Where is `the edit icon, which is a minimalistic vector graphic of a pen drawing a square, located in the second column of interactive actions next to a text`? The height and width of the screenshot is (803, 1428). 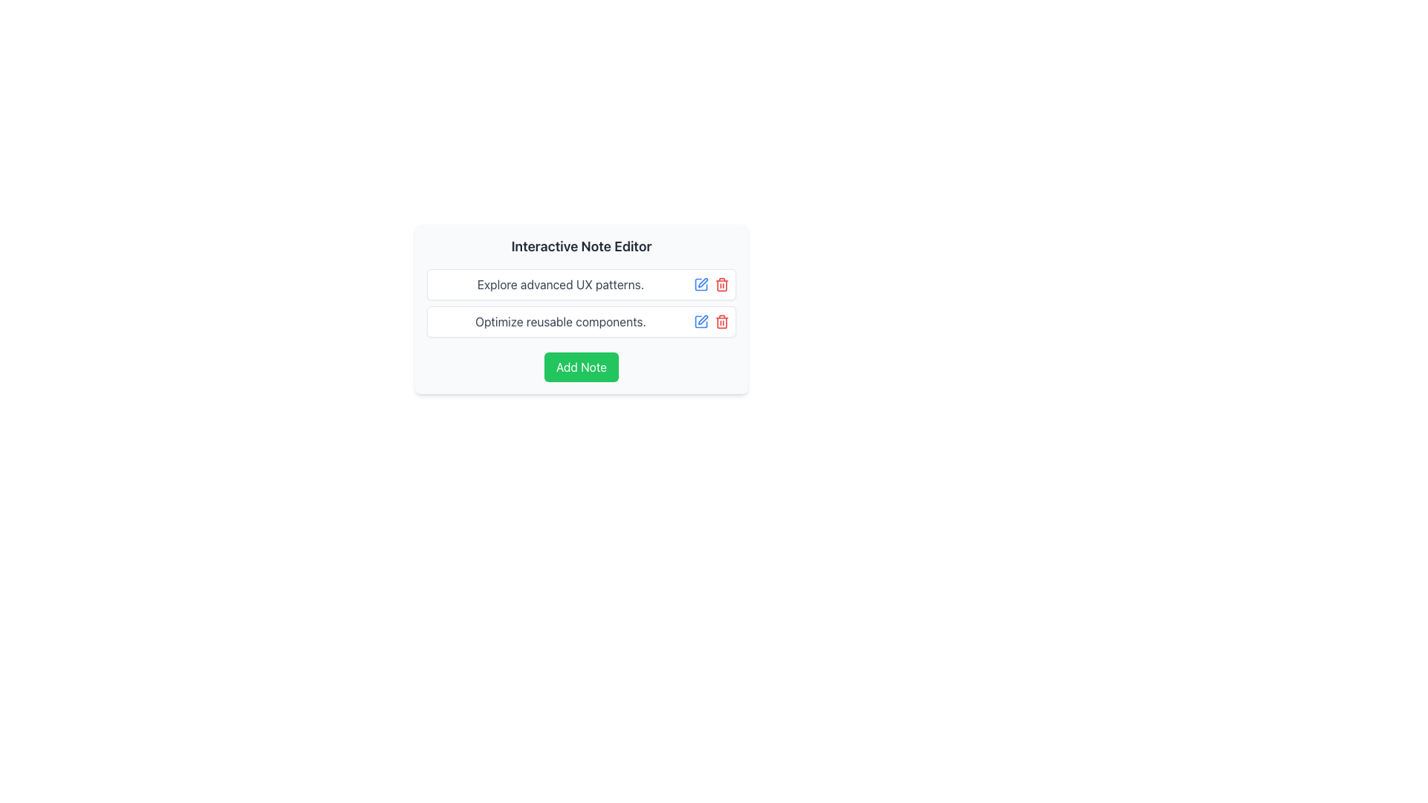
the edit icon, which is a minimalistic vector graphic of a pen drawing a square, located in the second column of interactive actions next to a text is located at coordinates (702, 318).